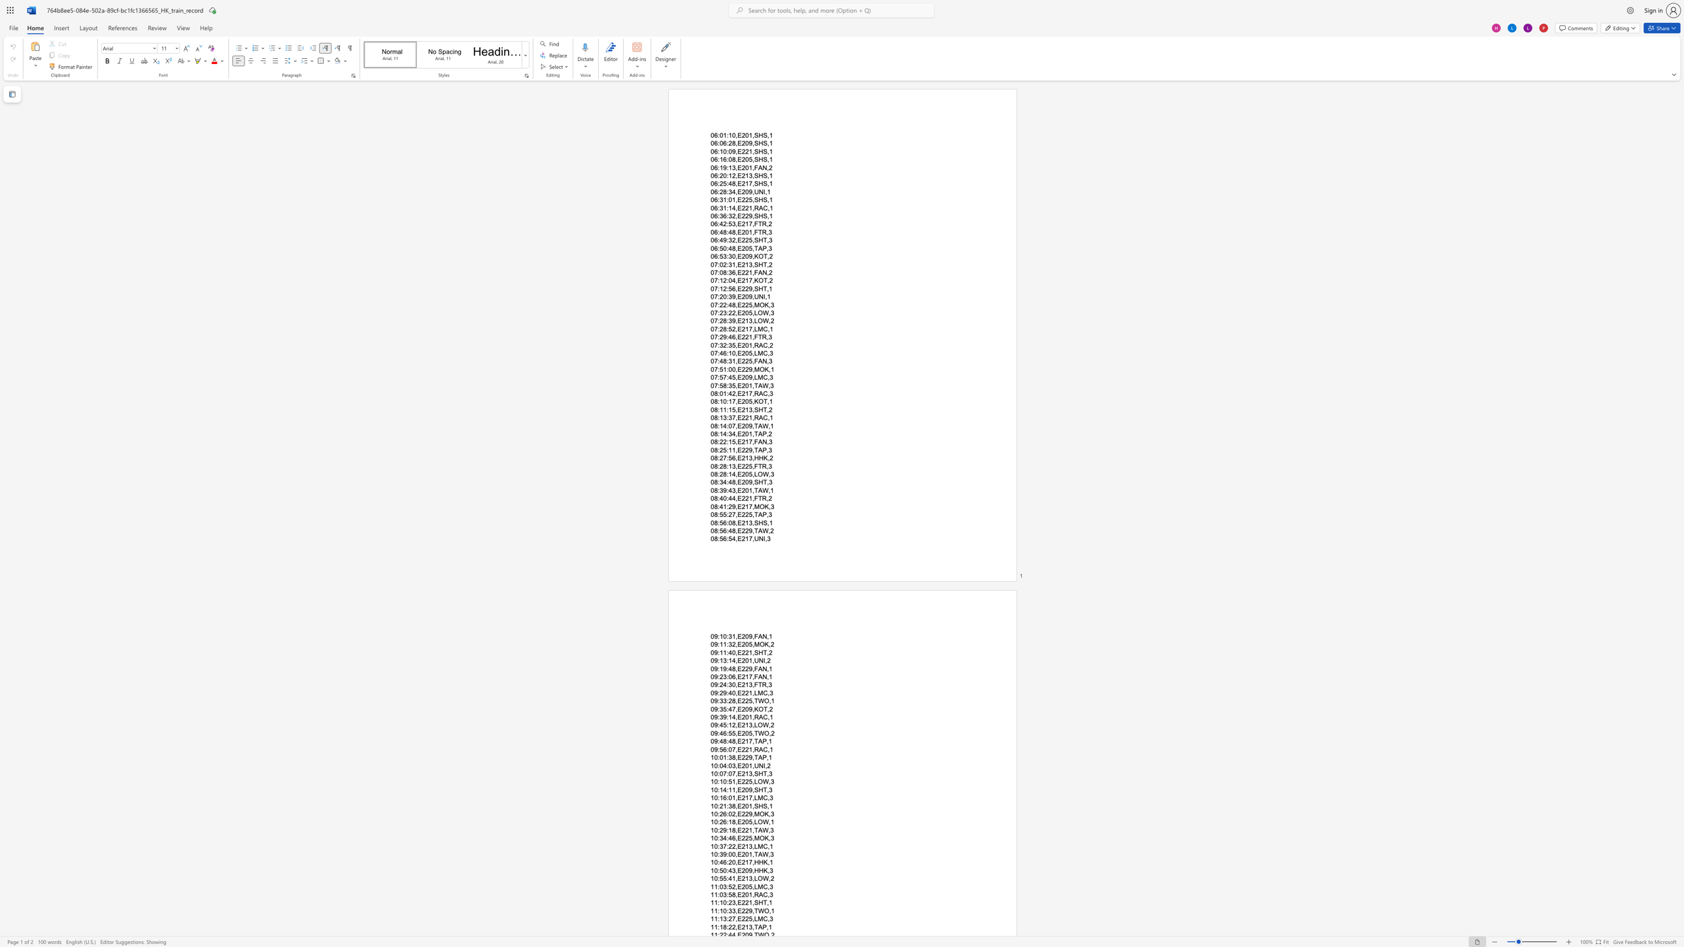 Image resolution: width=1684 pixels, height=947 pixels. What do you see at coordinates (753, 539) in the screenshot?
I see `the subset text "UNI,3" within the text "08:56:54,E217,UNI,3"` at bounding box center [753, 539].